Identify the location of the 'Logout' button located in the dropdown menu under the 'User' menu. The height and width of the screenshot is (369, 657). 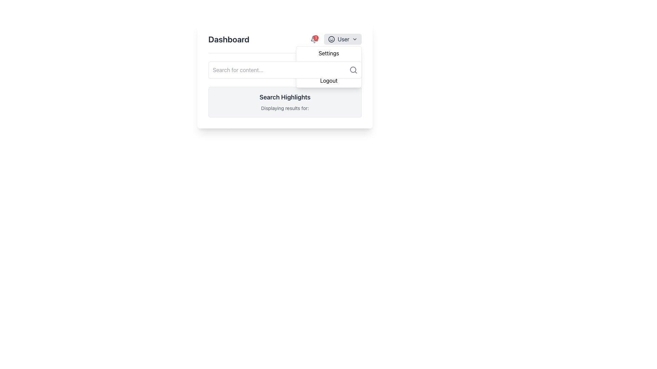
(328, 80).